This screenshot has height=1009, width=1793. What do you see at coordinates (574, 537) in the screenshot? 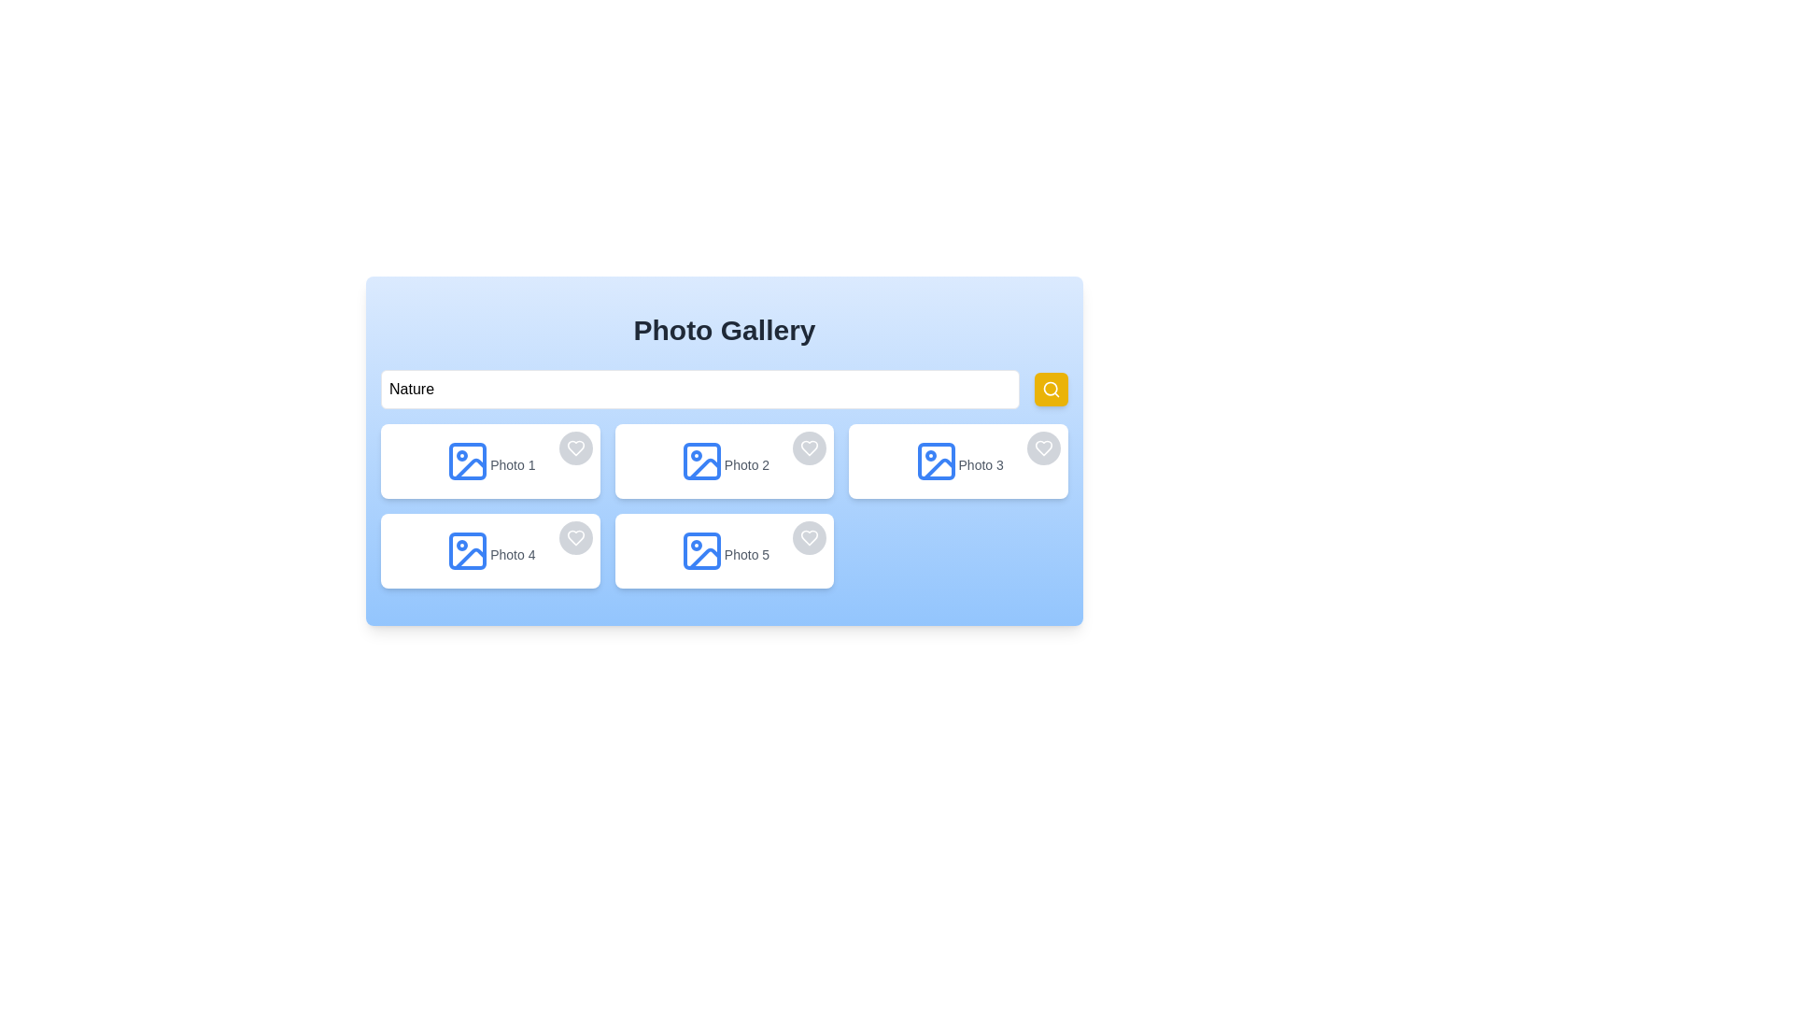
I see `the favorite icon located in the grid section of the photo gallery application adjacent to 'Photo 4'` at bounding box center [574, 537].